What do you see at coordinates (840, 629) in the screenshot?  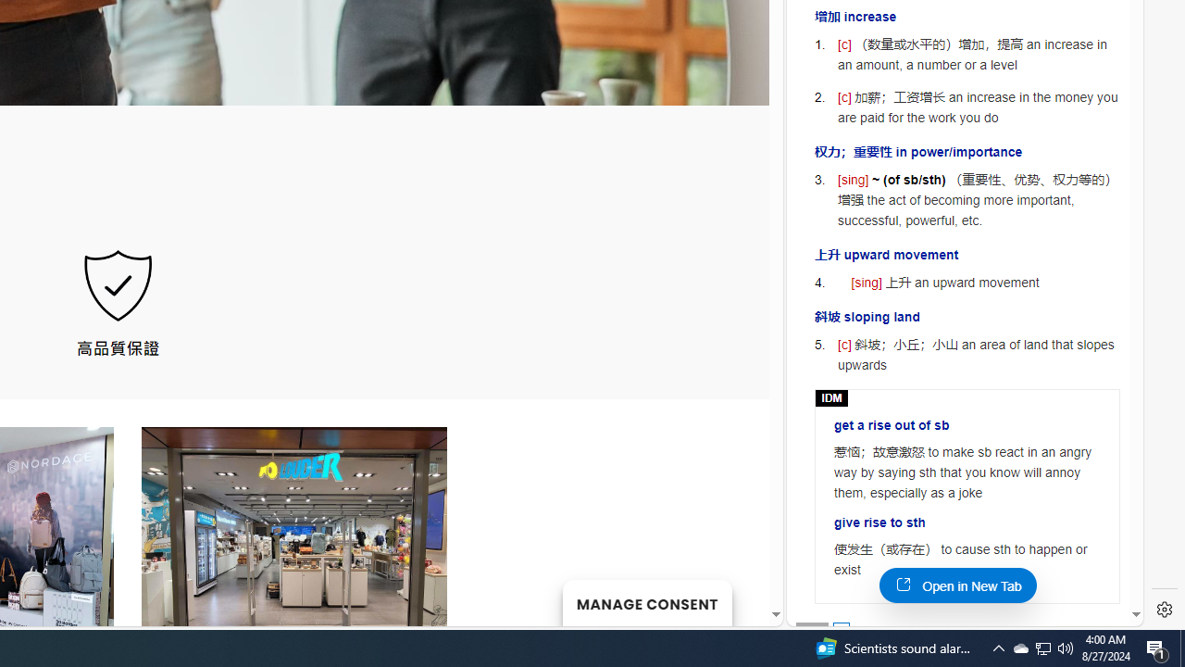 I see `'AutomationID: posbtn_1'` at bounding box center [840, 629].